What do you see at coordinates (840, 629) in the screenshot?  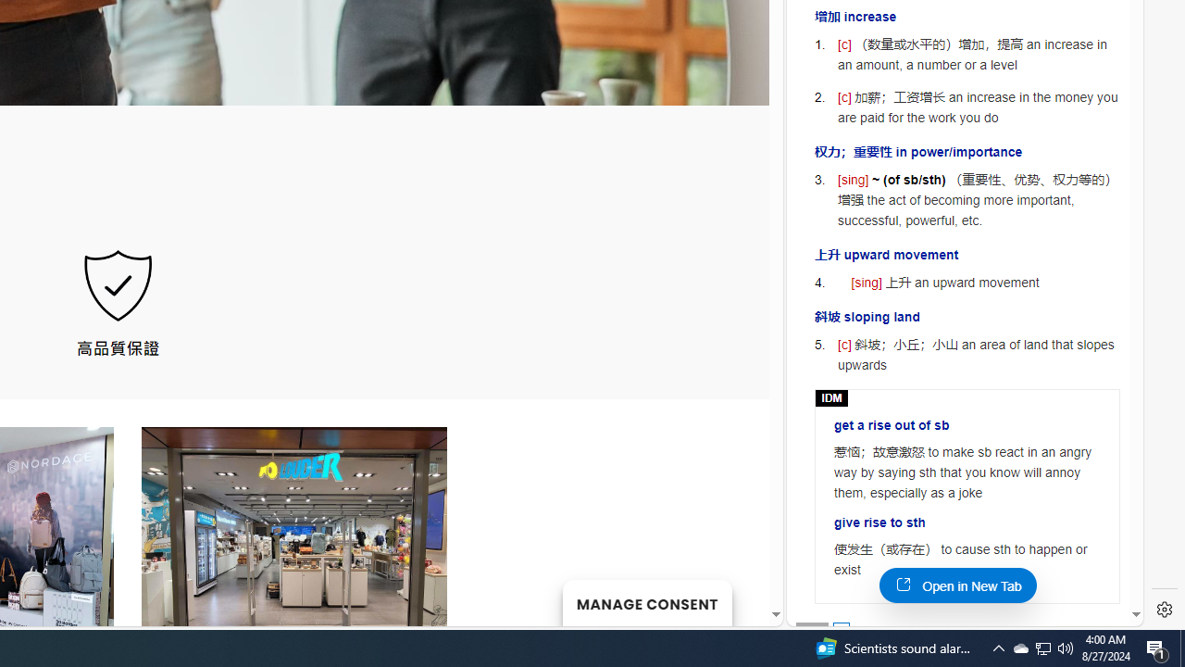 I see `'AutomationID: posbtn_1'` at bounding box center [840, 629].